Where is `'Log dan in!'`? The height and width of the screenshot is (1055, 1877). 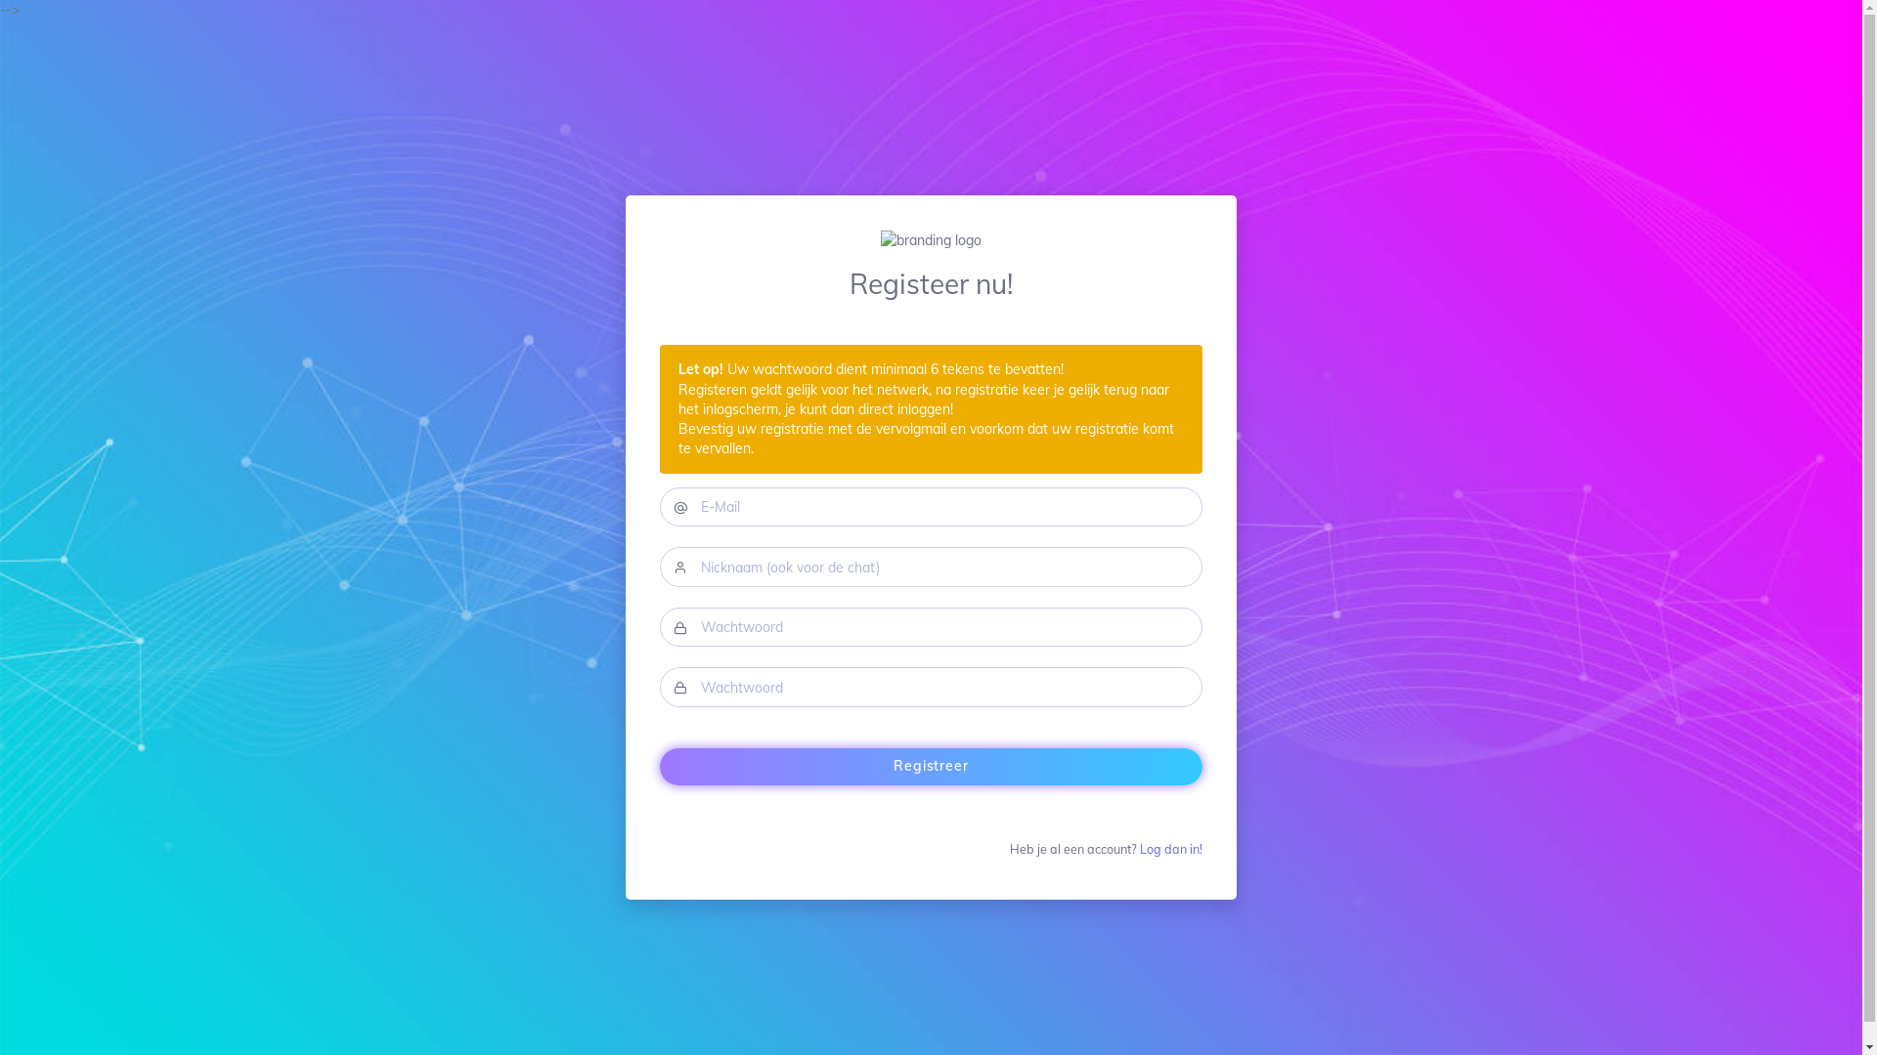 'Log dan in!' is located at coordinates (1171, 847).